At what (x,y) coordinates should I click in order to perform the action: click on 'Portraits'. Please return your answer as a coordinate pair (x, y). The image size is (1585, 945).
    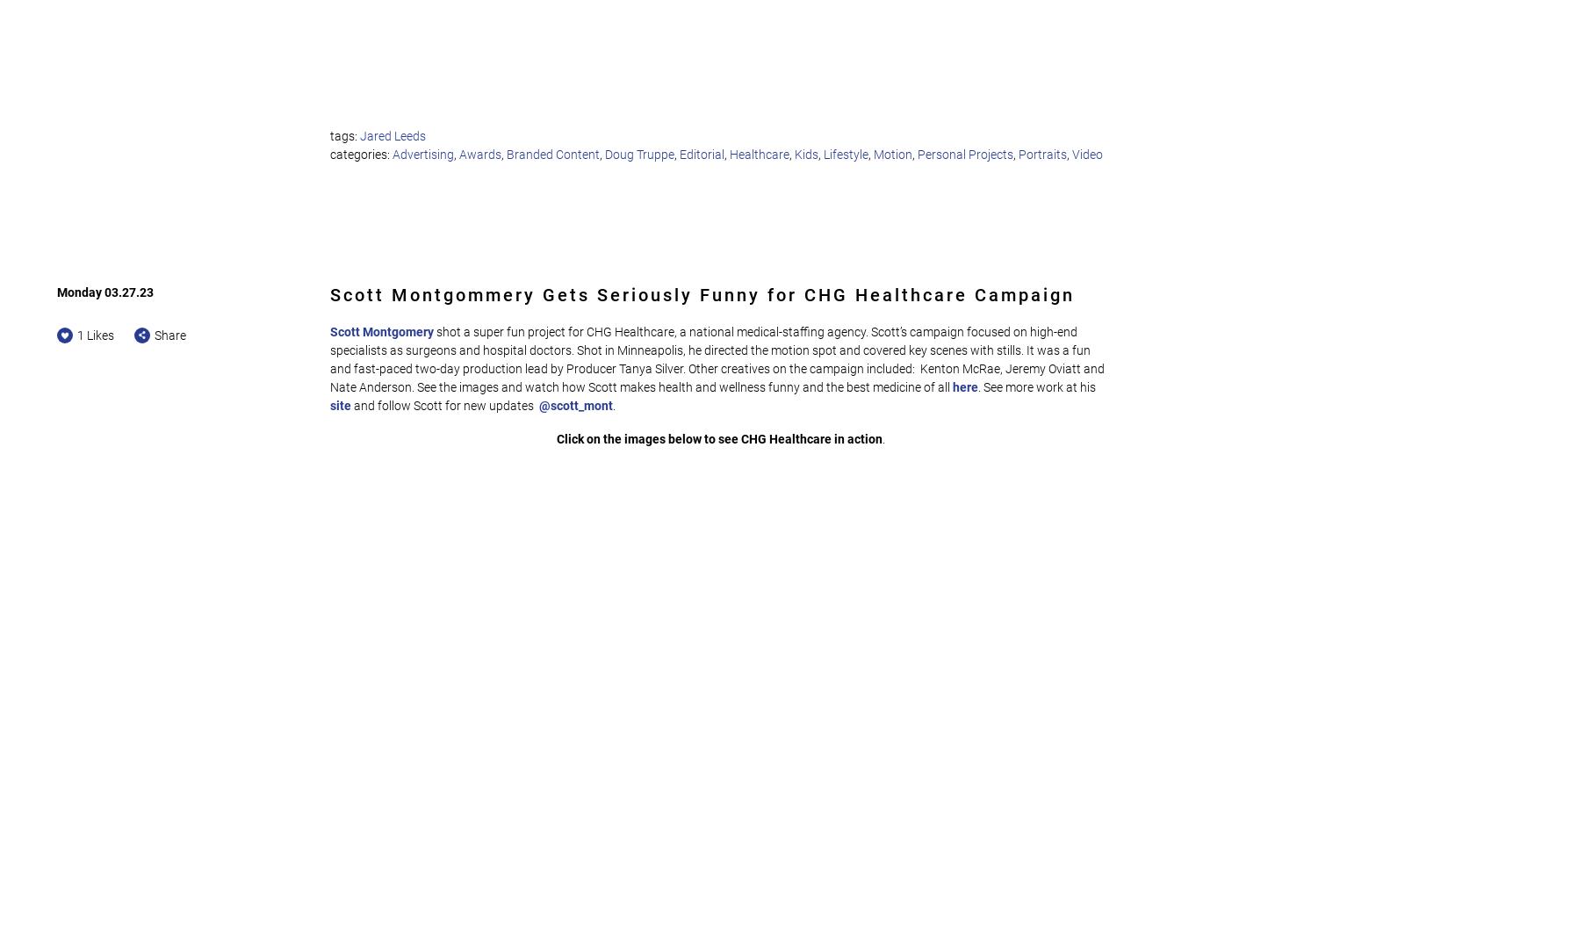
    Looking at the image, I should click on (1042, 153).